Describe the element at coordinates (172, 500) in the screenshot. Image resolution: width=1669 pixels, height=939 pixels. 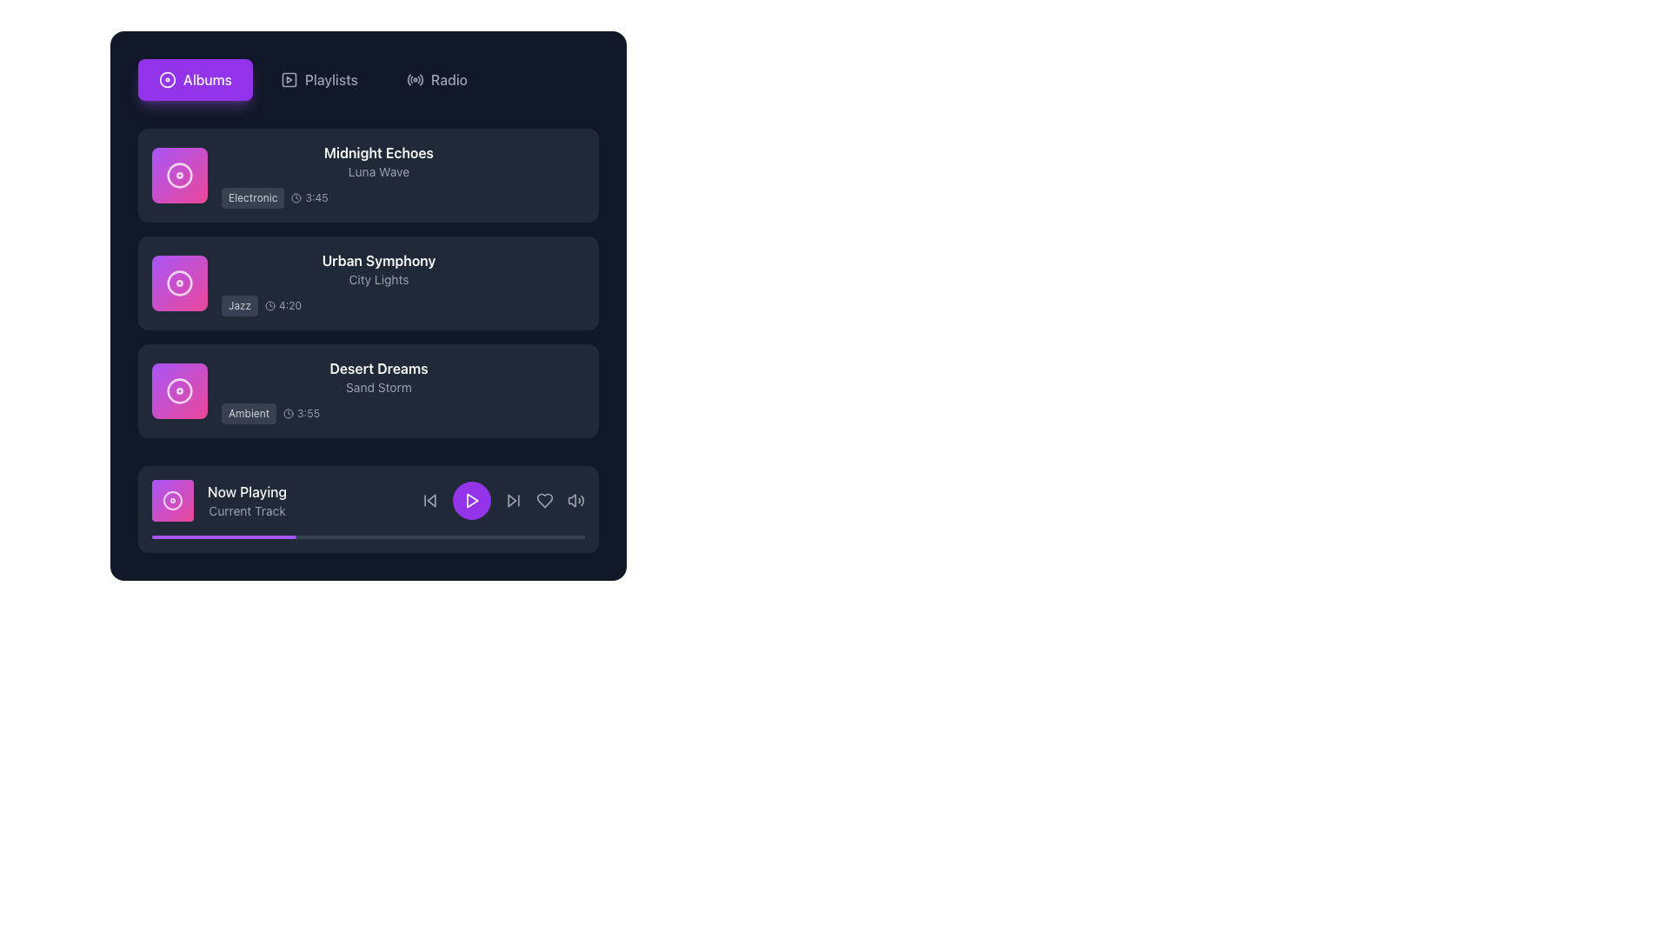
I see `the outer SVG circle located at the bottom-left corner of the 'Now Playing' section, which is part of the album artwork representation` at that location.